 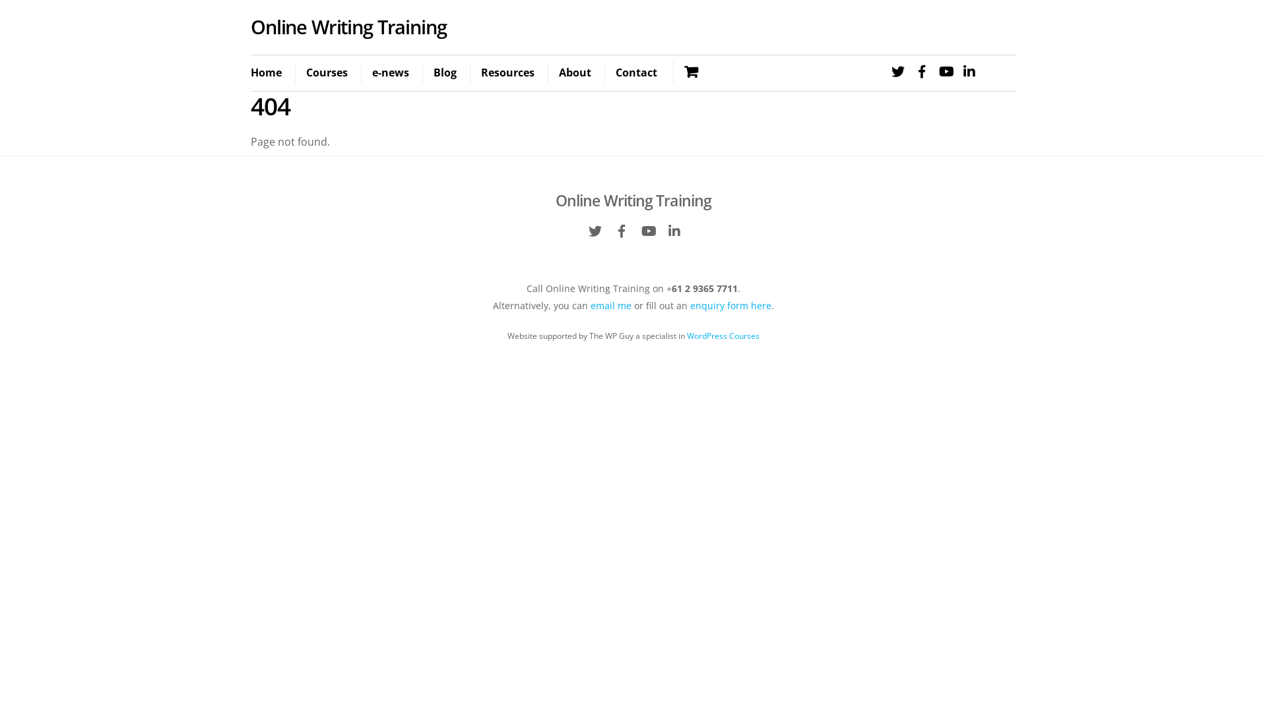 What do you see at coordinates (722, 335) in the screenshot?
I see `'WordPress Courses'` at bounding box center [722, 335].